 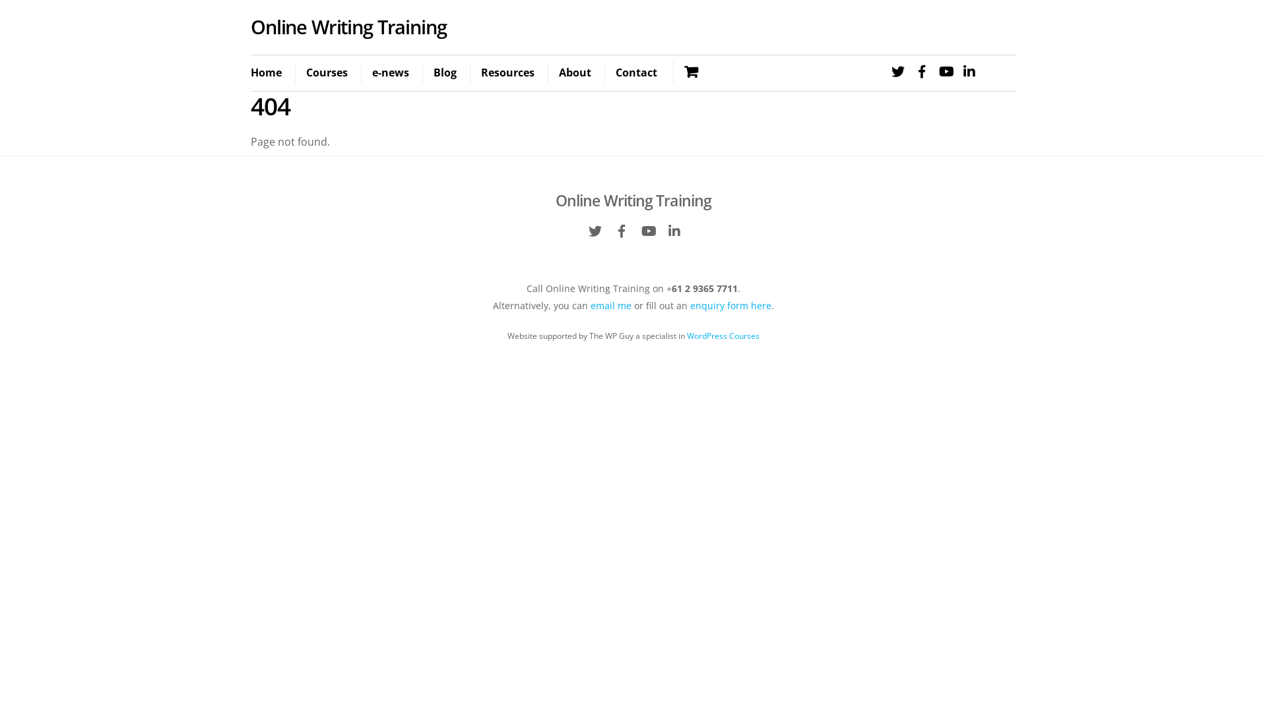 What do you see at coordinates (722, 335) in the screenshot?
I see `'WordPress Courses'` at bounding box center [722, 335].